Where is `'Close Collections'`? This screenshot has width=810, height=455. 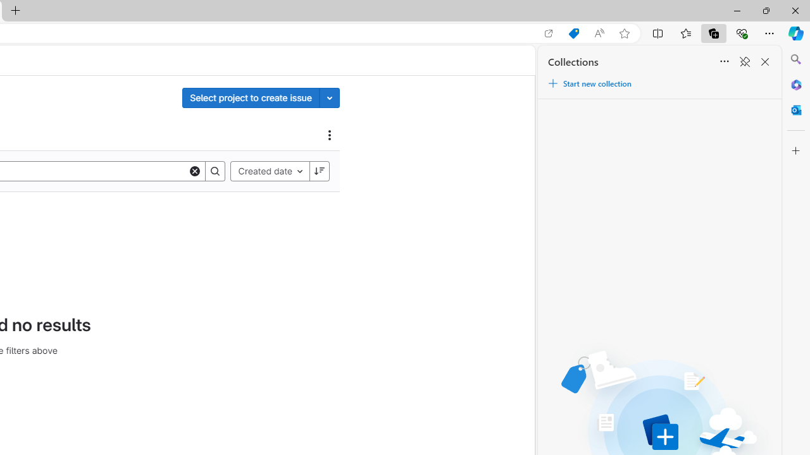 'Close Collections' is located at coordinates (764, 62).